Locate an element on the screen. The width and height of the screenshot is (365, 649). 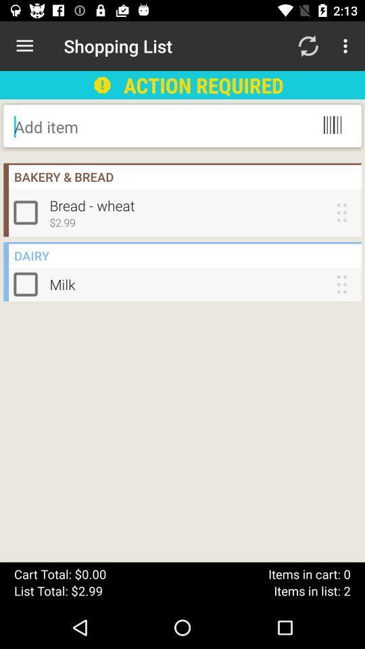
icon to the right of action required item is located at coordinates (308, 46).